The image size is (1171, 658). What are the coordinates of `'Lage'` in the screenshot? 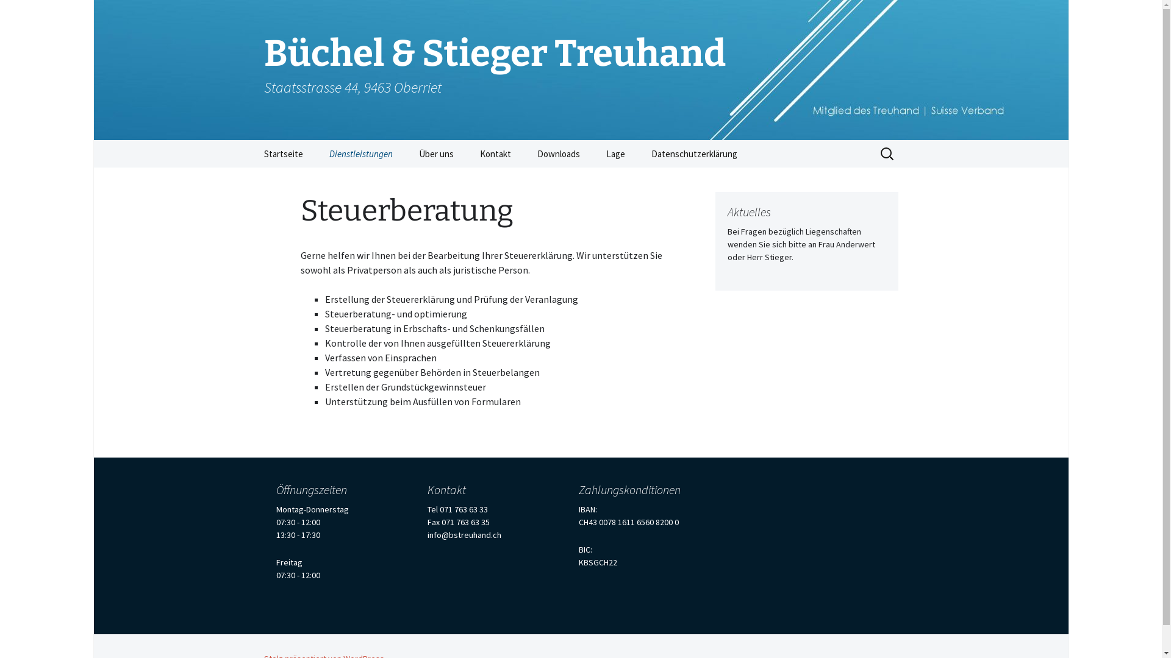 It's located at (615, 153).